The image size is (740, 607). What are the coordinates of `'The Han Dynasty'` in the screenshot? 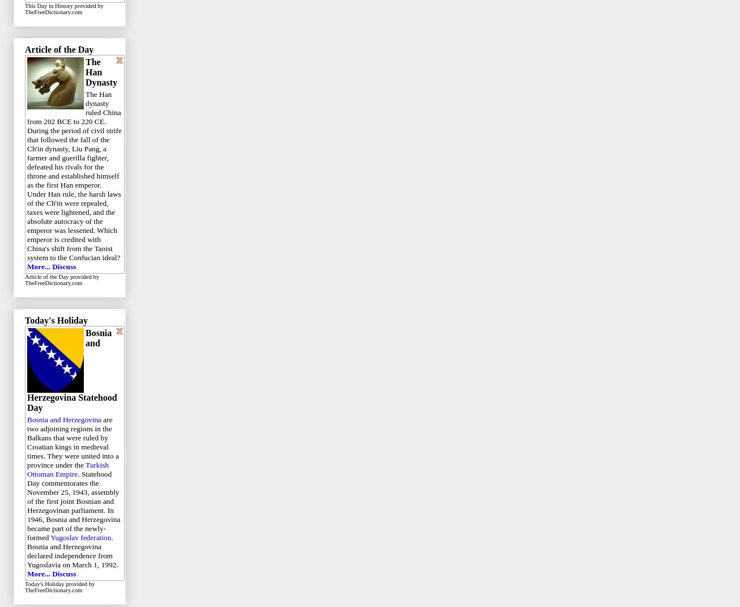 It's located at (85, 72).